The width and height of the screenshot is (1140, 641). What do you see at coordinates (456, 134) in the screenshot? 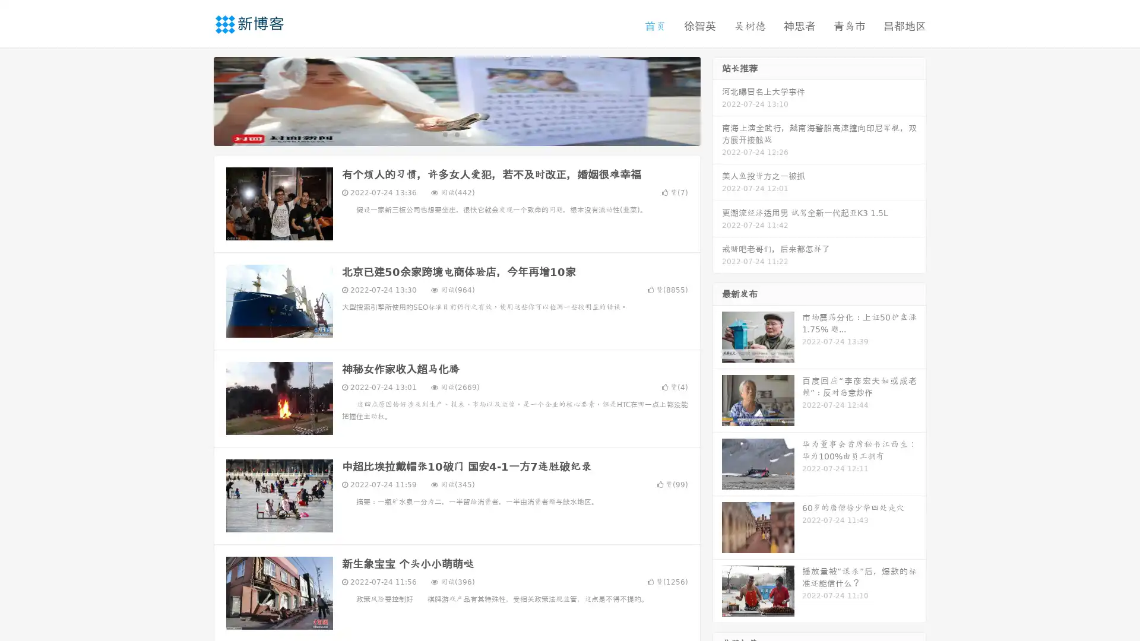
I see `Go to slide 2` at bounding box center [456, 134].